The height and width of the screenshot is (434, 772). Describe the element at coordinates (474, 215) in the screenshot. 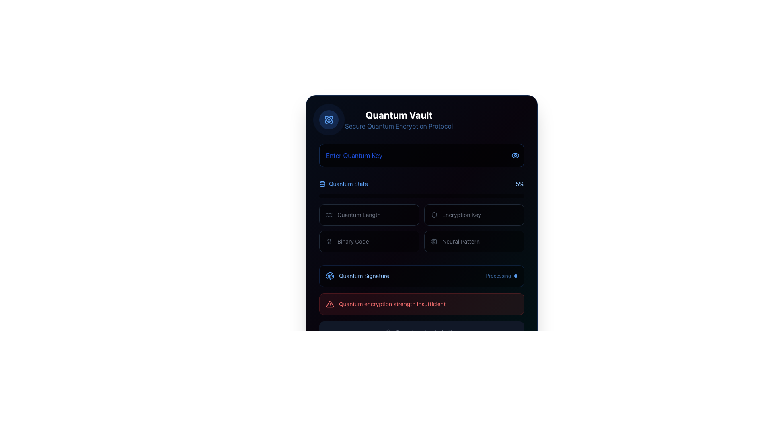

I see `the 'Encryption Key' button, which is the second option in a grid of buttons` at that location.